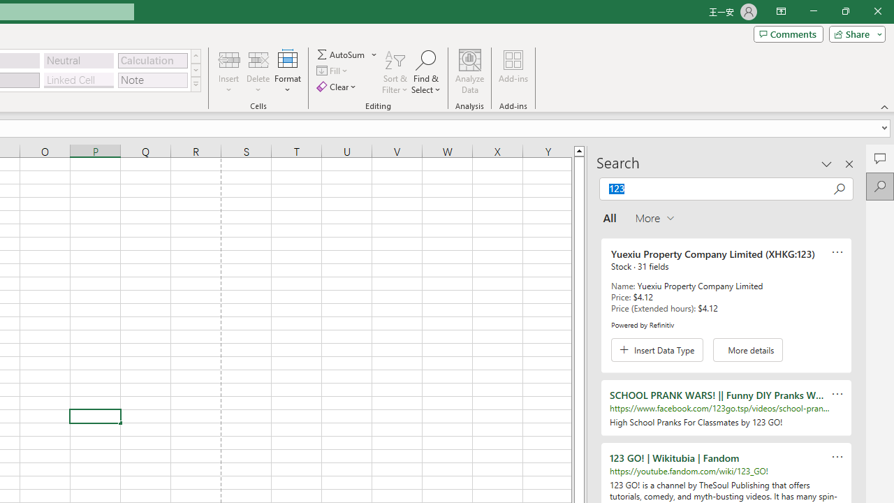 Image resolution: width=894 pixels, height=503 pixels. What do you see at coordinates (229, 59) in the screenshot?
I see `'Insert Cells'` at bounding box center [229, 59].